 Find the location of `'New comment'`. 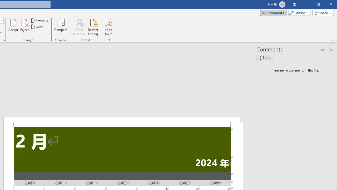

'New comment' is located at coordinates (265, 58).